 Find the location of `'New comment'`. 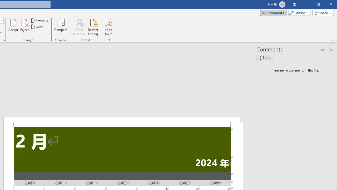

'New comment' is located at coordinates (265, 58).